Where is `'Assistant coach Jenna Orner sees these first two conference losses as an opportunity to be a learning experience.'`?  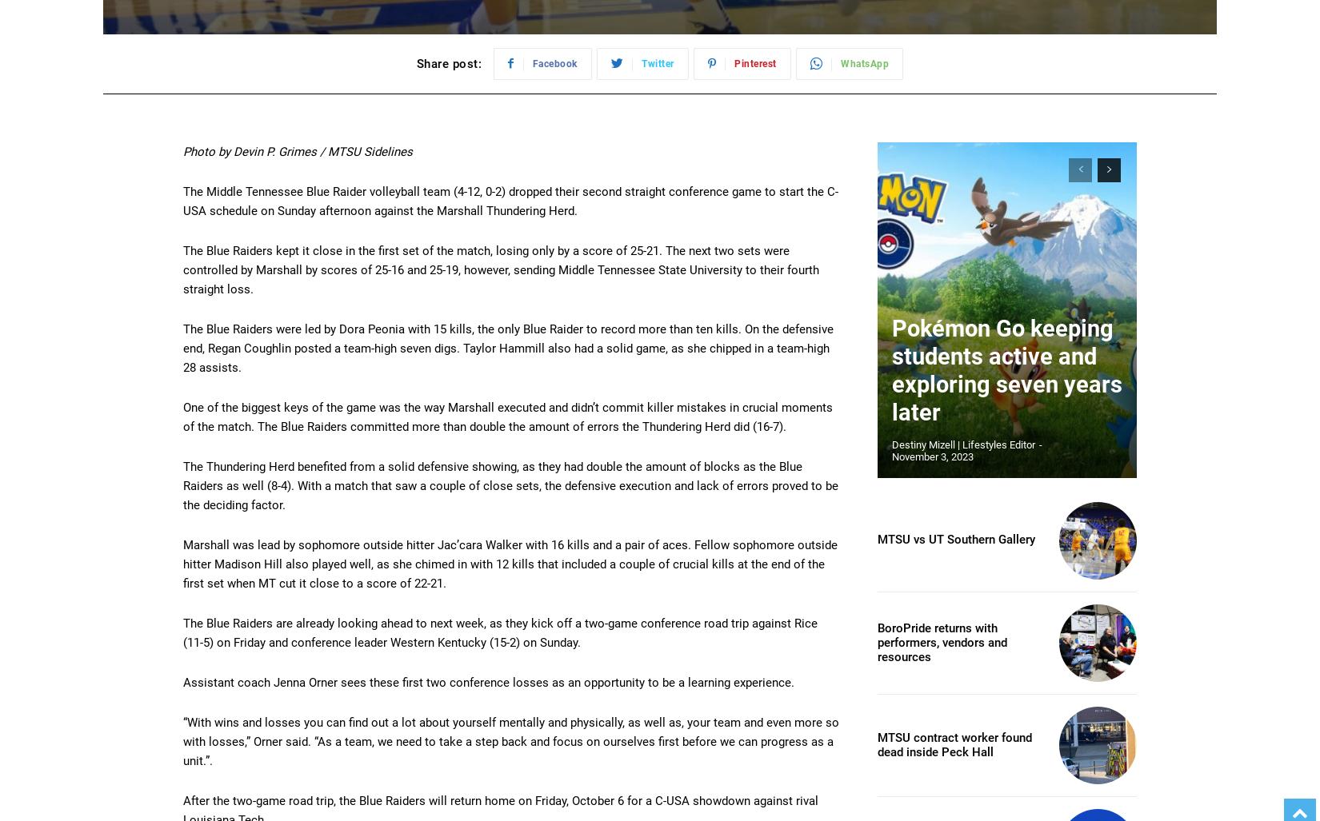
'Assistant coach Jenna Orner sees these first two conference losses as an opportunity to be a learning experience.' is located at coordinates (487, 682).